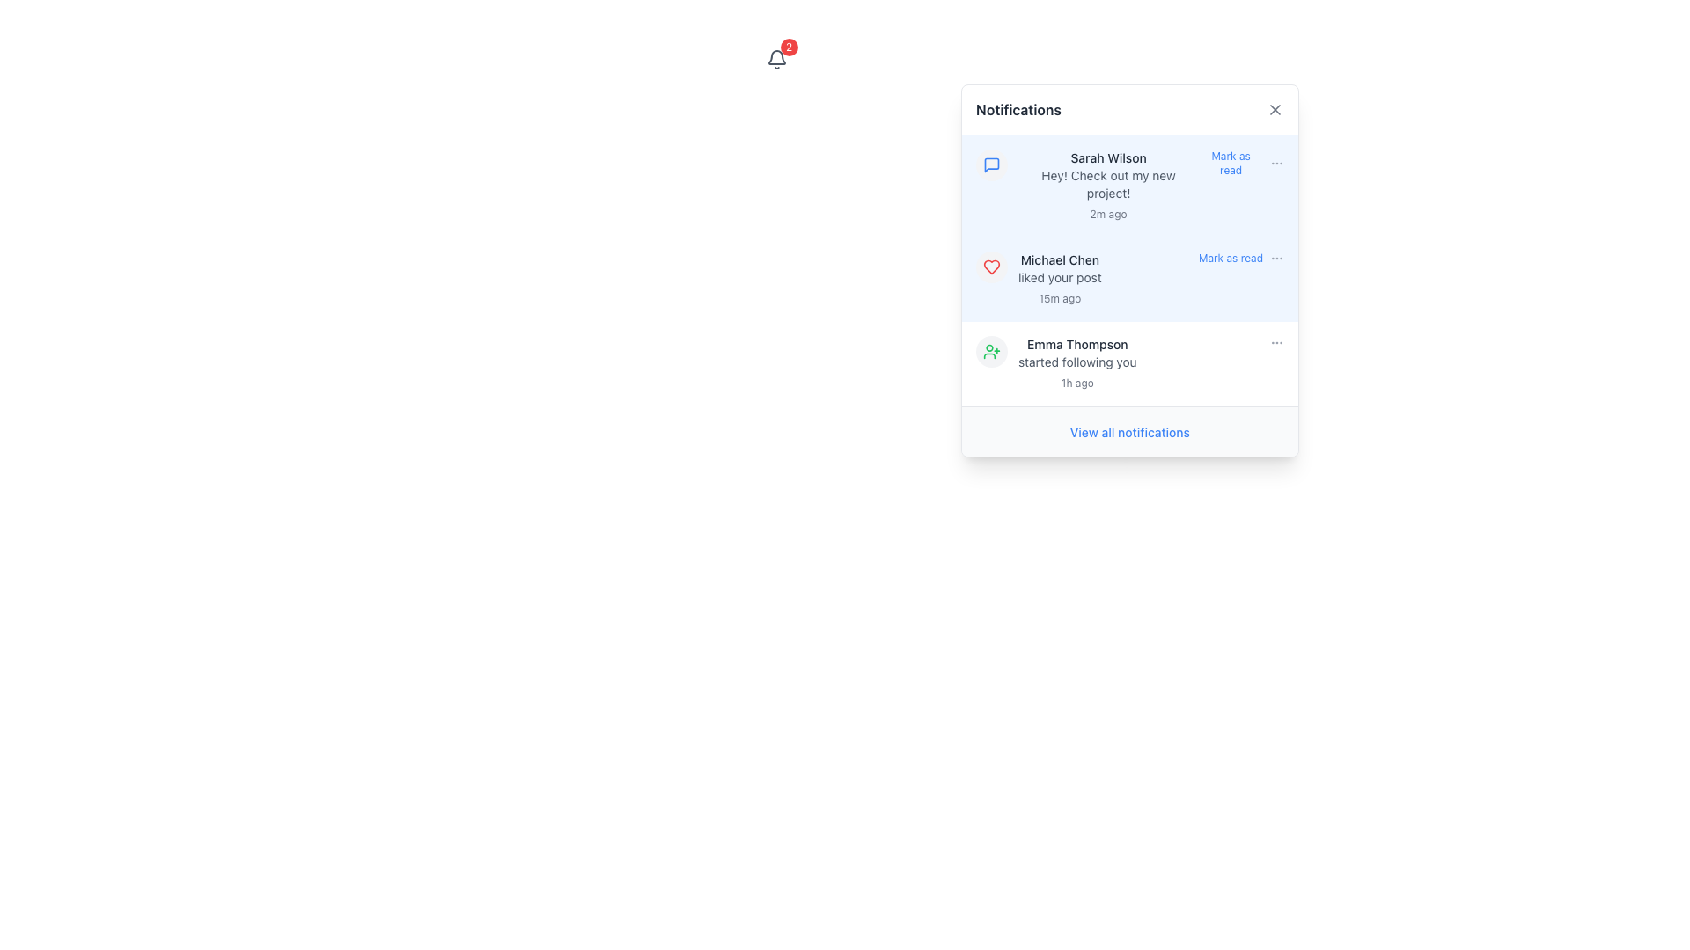 The height and width of the screenshot is (950, 1690). I want to click on the first notification entry in the notifications dropdown panel, so click(1151, 186).